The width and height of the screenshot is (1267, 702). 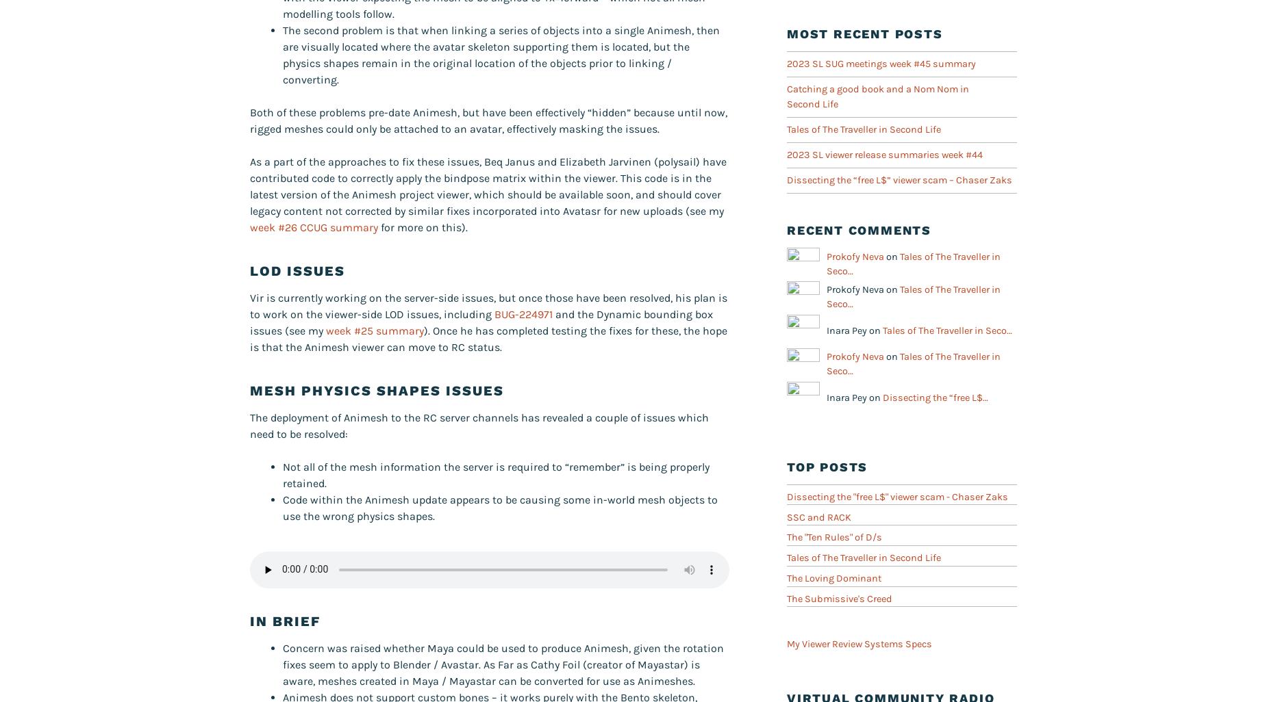 I want to click on 'Tales of The Traveller in Second Life', so click(x=863, y=128).